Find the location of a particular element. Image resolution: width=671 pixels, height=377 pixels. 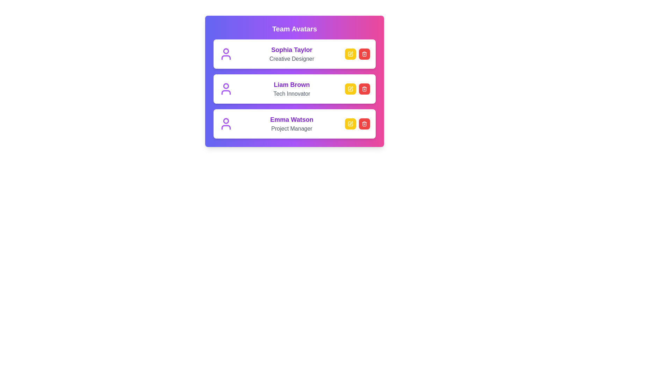

the purple circular graphical representation within the user avatar icon for 'Emma Watson - Project Manager' located in the third row of the team member list is located at coordinates (226, 120).